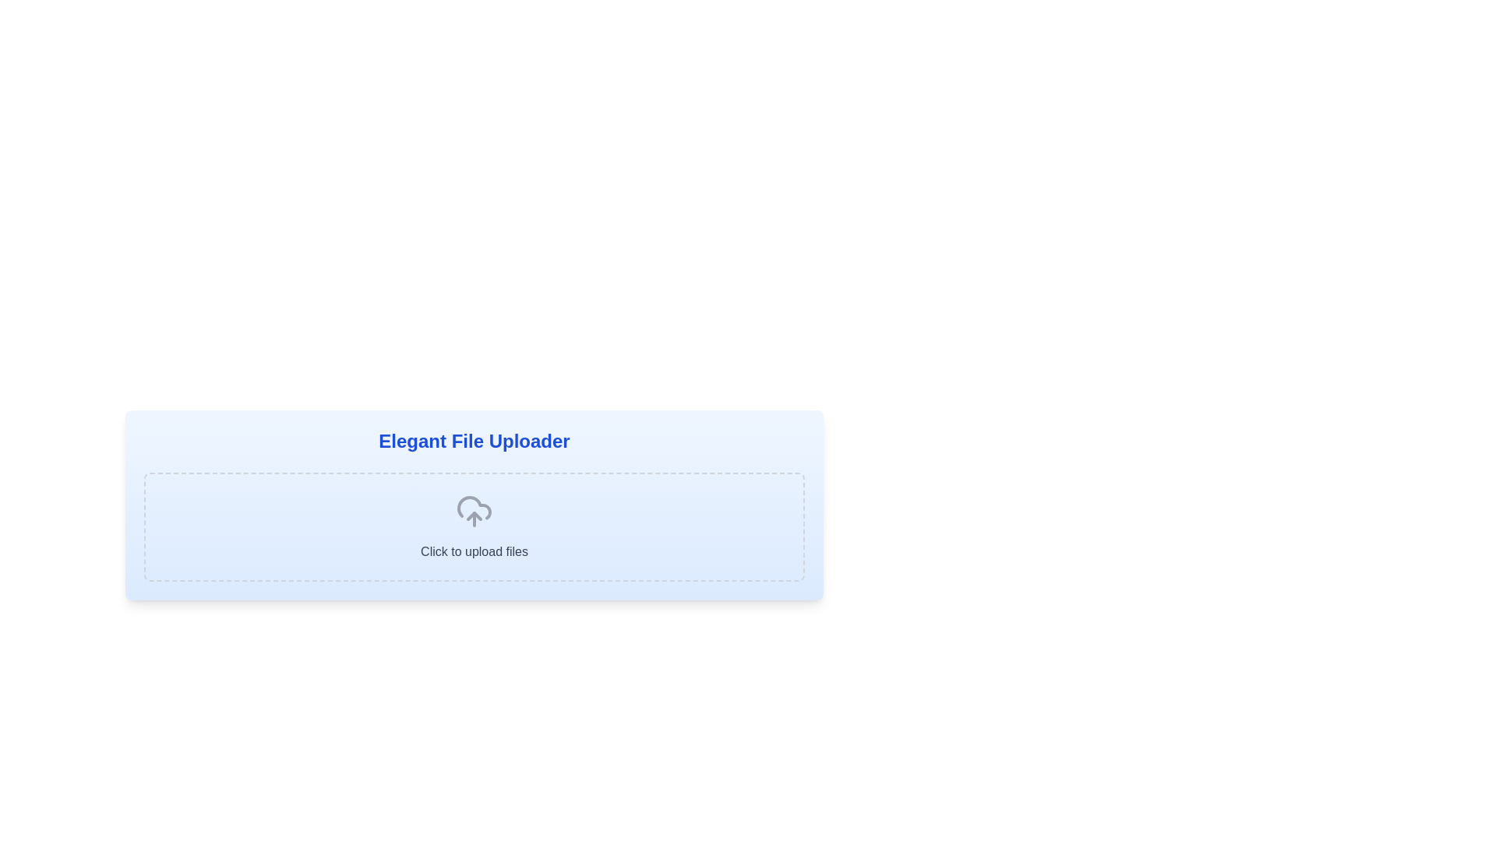 Image resolution: width=1496 pixels, height=841 pixels. Describe the element at coordinates (474, 526) in the screenshot. I see `the Interactive upload button located in the 'Elegant File Uploader' section to trigger additional styling effects` at that location.